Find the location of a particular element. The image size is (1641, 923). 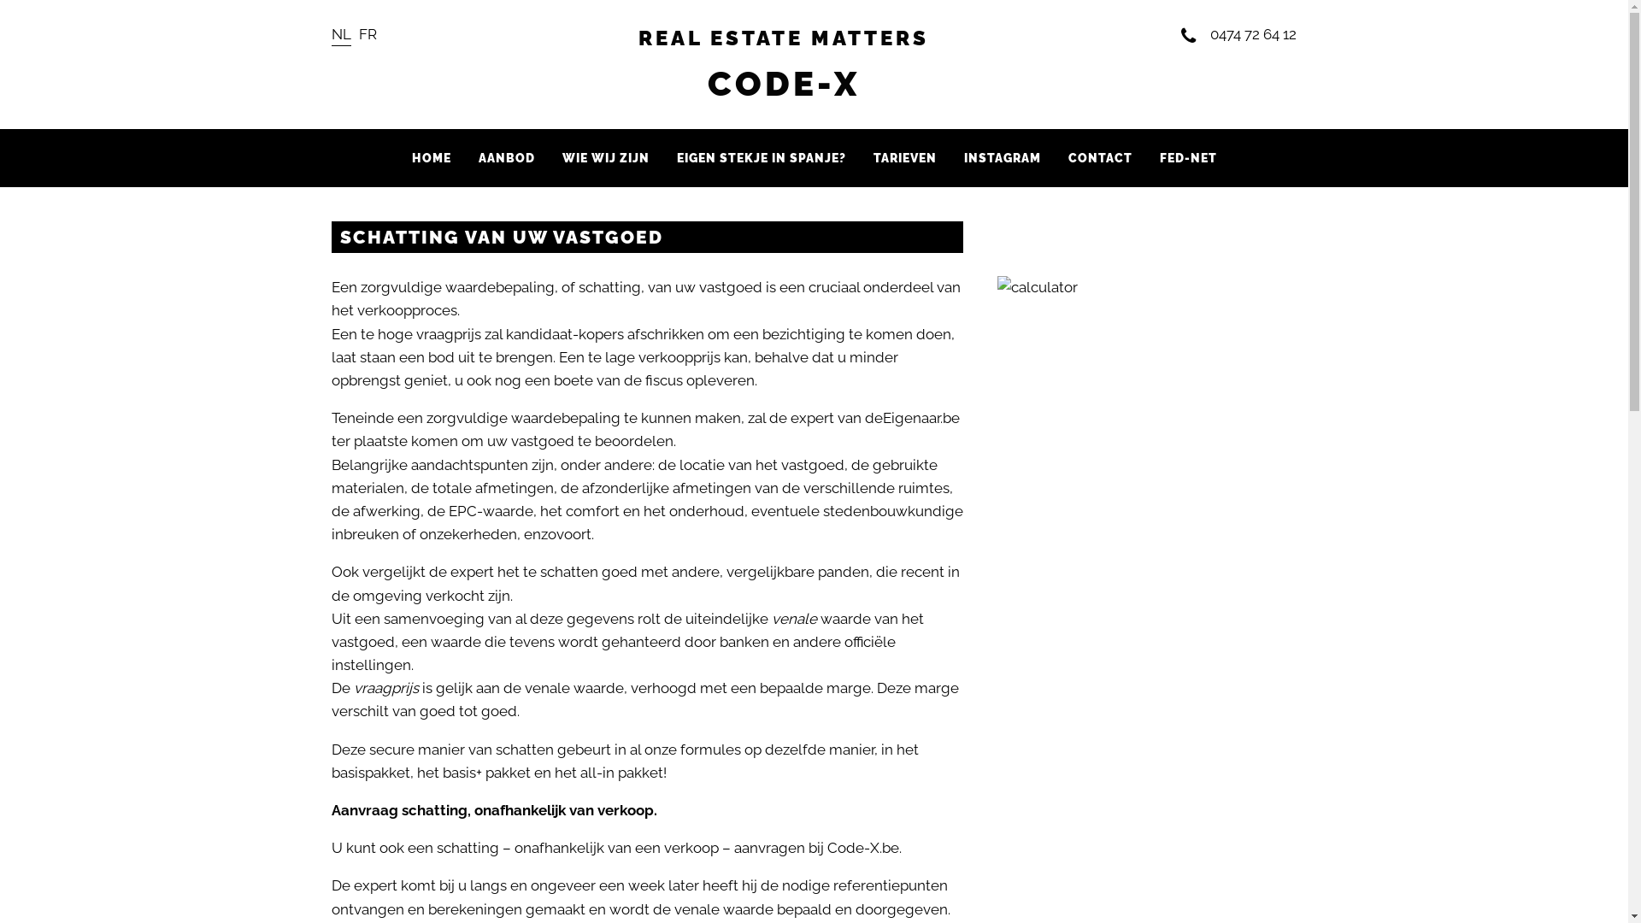

'AANBOD' is located at coordinates (506, 158).